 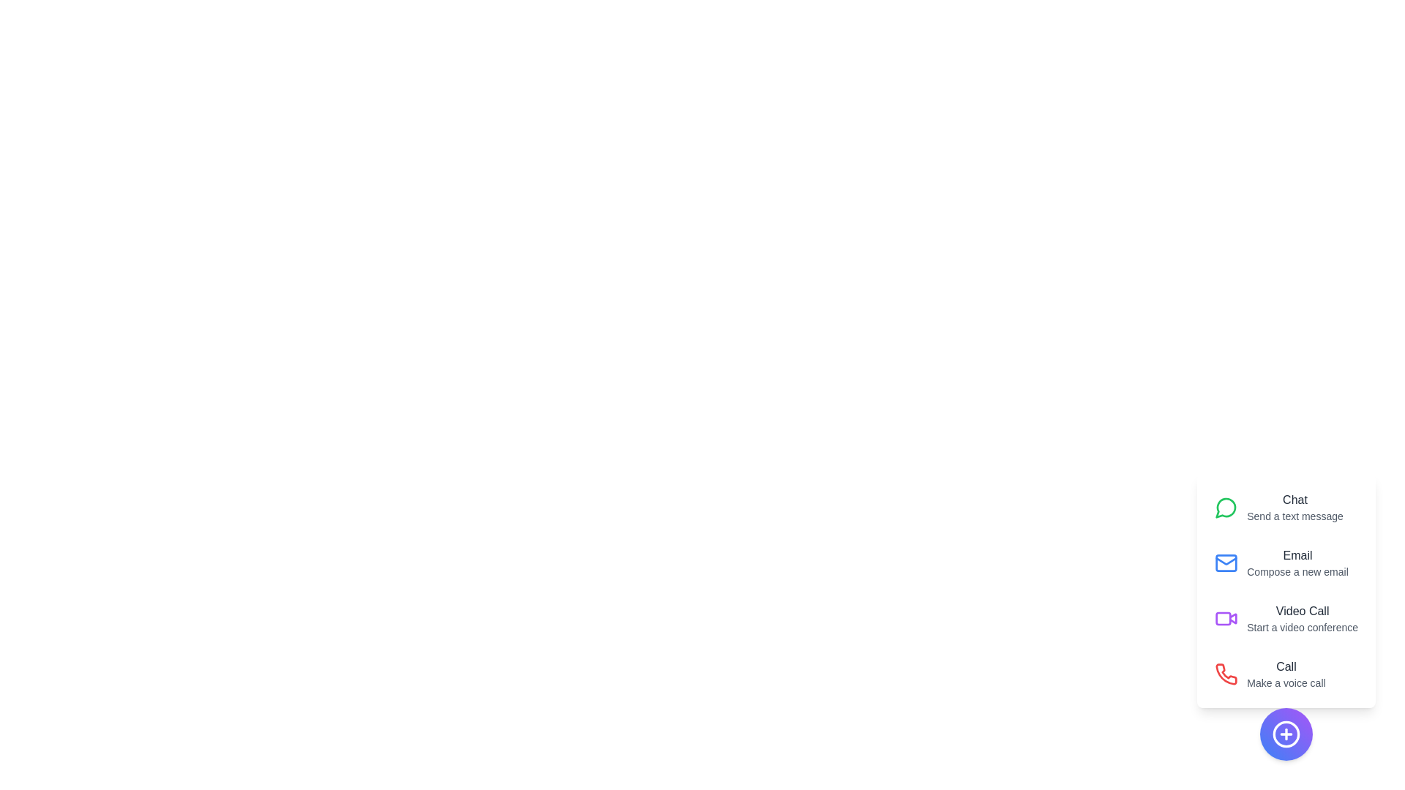 I want to click on the 'Email' action to compose a new email, so click(x=1285, y=563).